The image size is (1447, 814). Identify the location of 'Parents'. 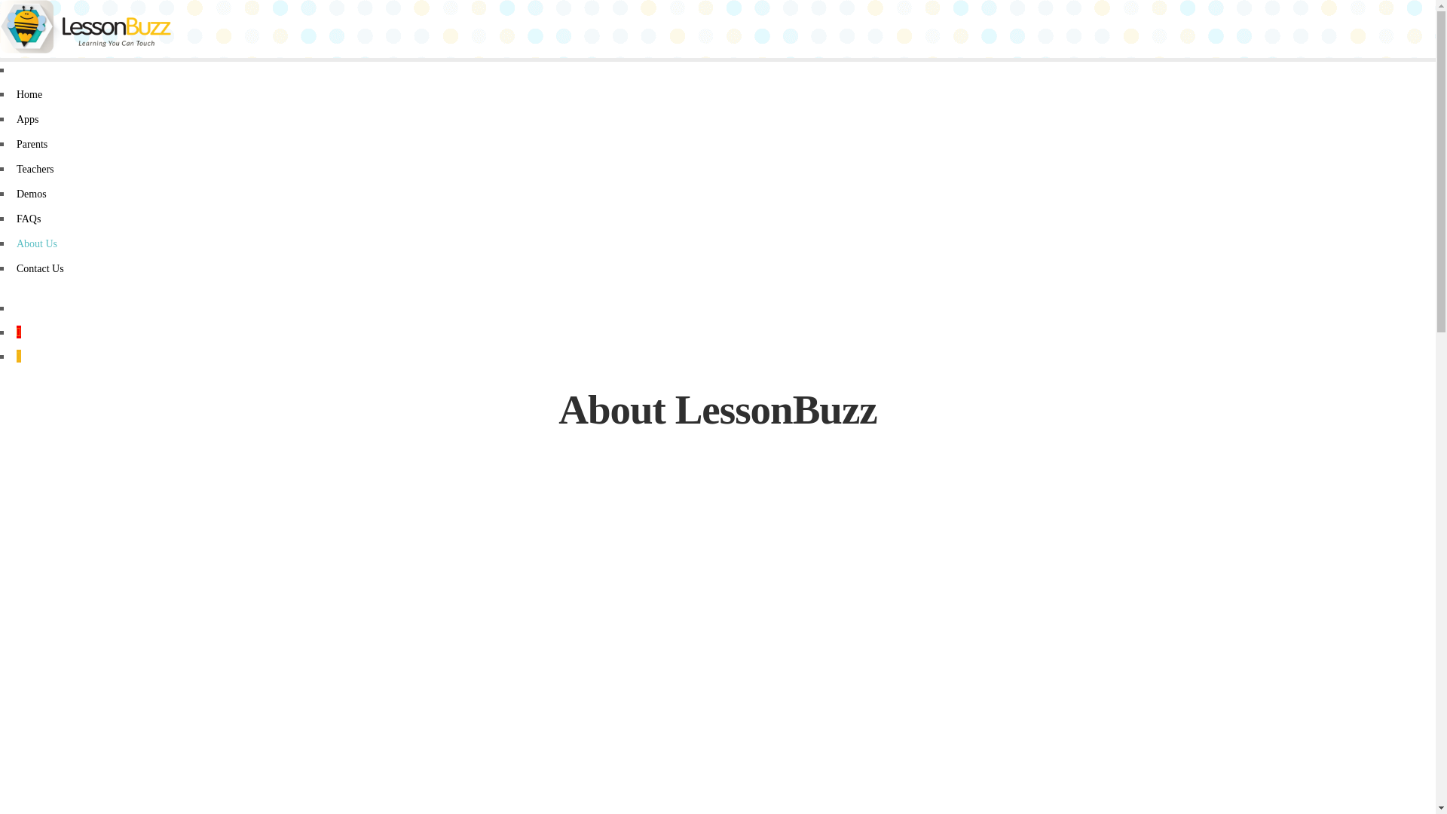
(32, 144).